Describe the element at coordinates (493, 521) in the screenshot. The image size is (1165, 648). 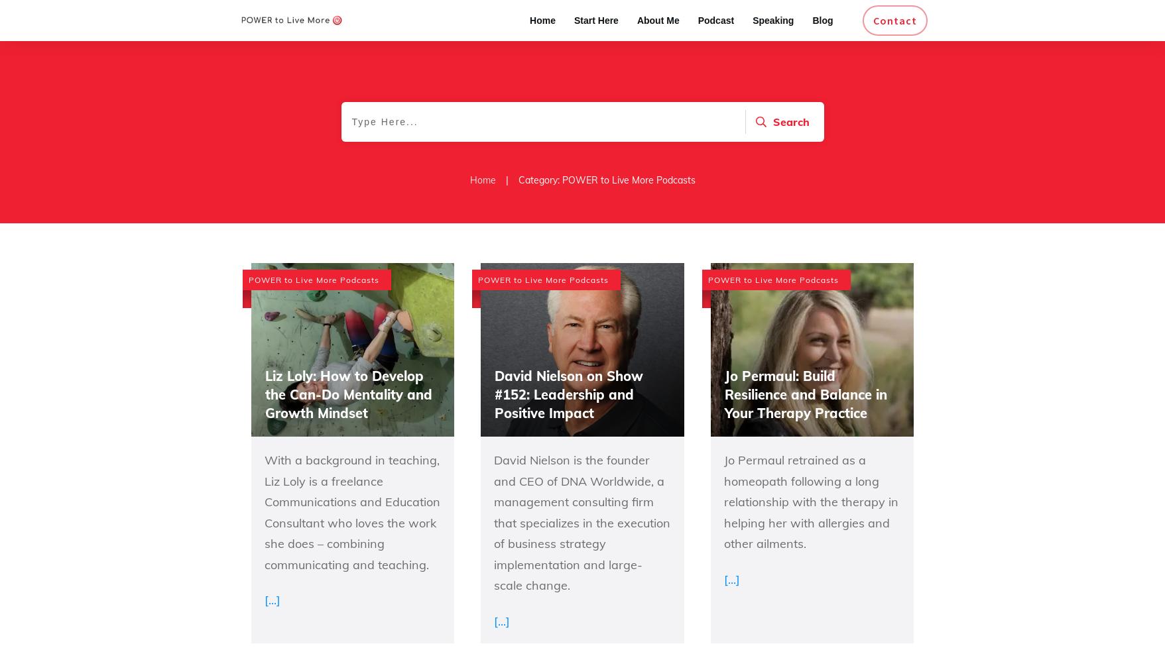
I see `'David Nielson is the founder and CEO of DNA Worldwide, a management consulting firm that specializes in the execution of business strategy implementation and large-scale change.'` at that location.